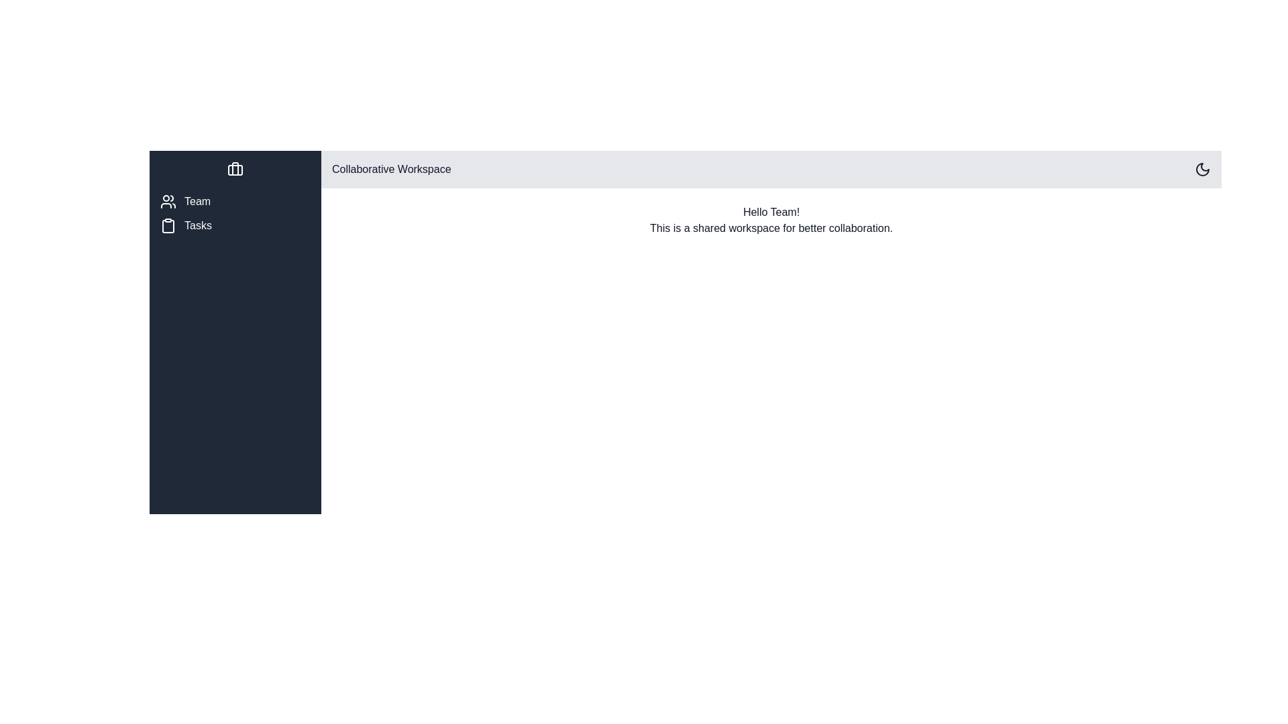 This screenshot has width=1288, height=724. I want to click on the static text that reads 'This is a shared workspace for better collaboration.' which is styled in a standard sans-serif font and is positioned below the 'Hello Team!' heading, so click(771, 227).